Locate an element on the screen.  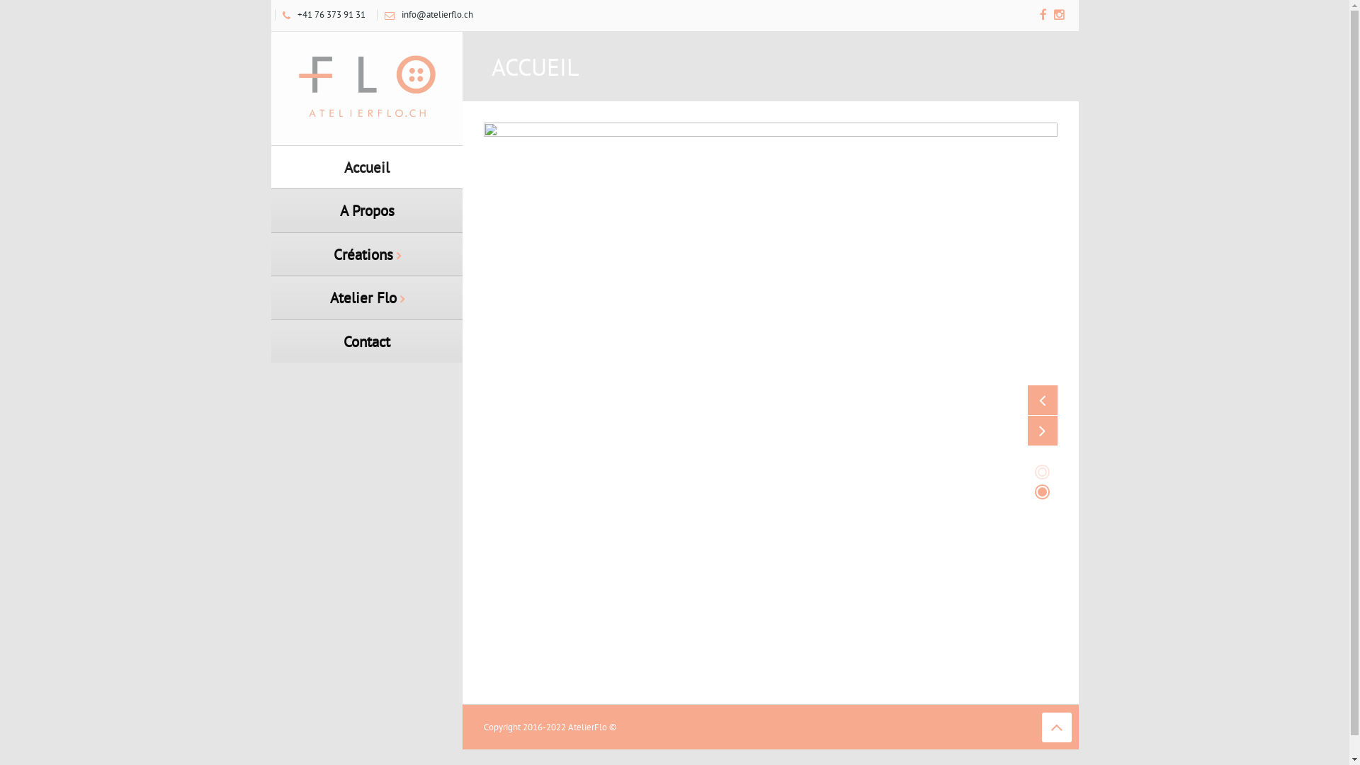
'info@atelierflo.ch' is located at coordinates (424, 14).